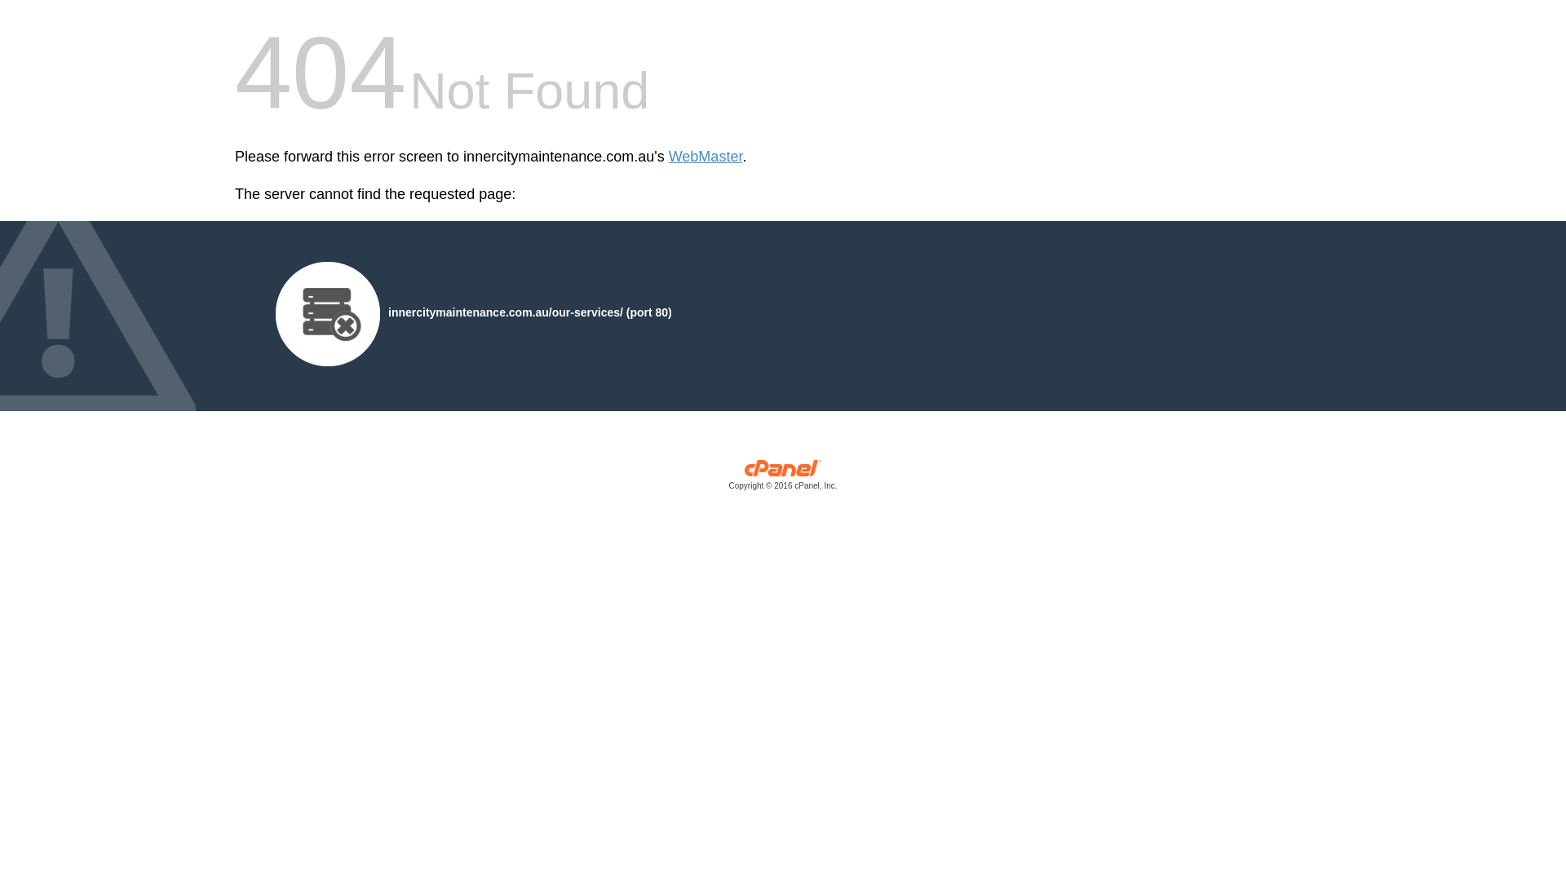 Image resolution: width=1566 pixels, height=881 pixels. What do you see at coordinates (669, 157) in the screenshot?
I see `'WebMaster'` at bounding box center [669, 157].